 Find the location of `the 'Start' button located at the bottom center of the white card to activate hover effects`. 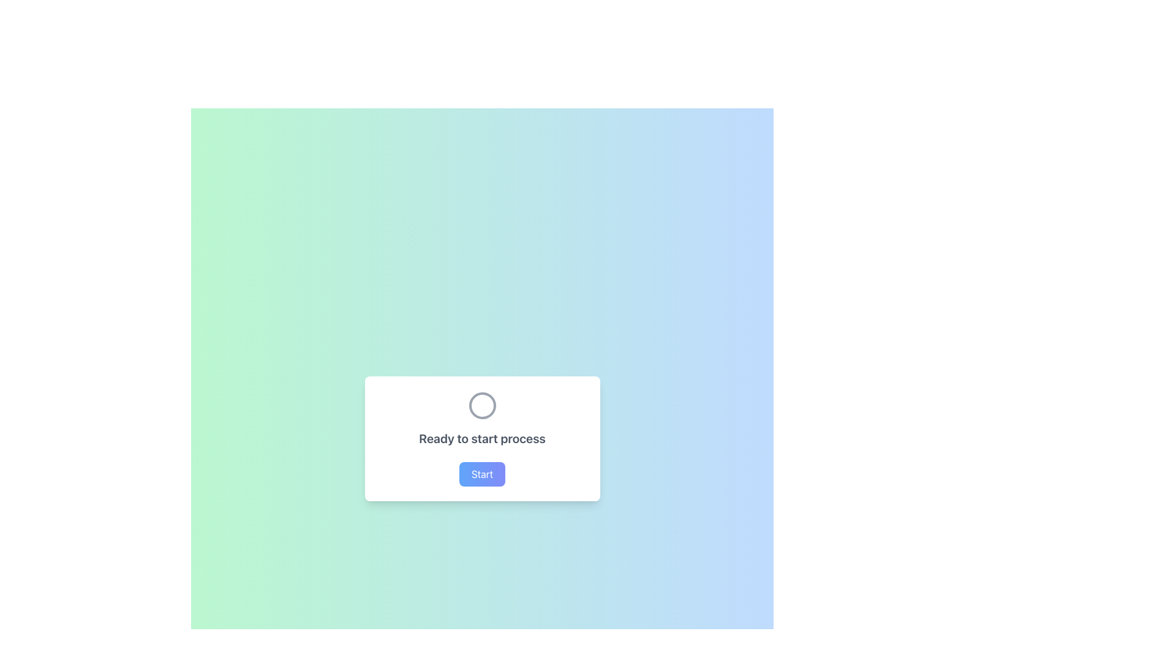

the 'Start' button located at the bottom center of the white card to activate hover effects is located at coordinates (481, 474).